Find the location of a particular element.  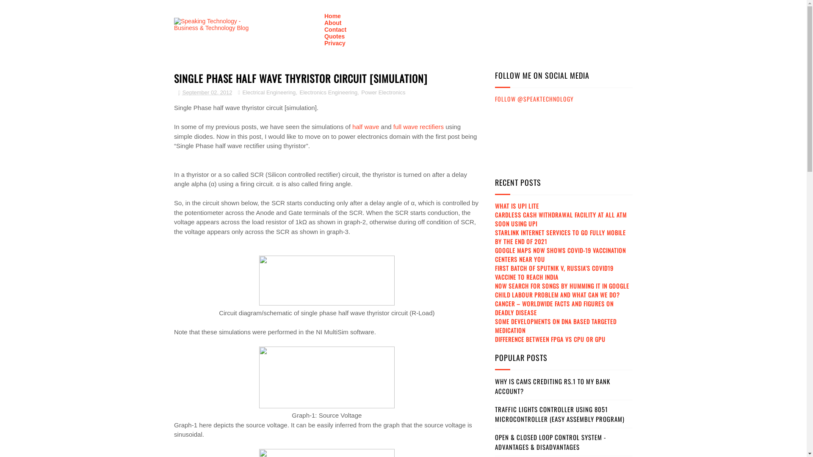

'CARDLESS CASH WITHDRAWAL FACILITY AT ALL ATM SOON USING UPI' is located at coordinates (561, 218).